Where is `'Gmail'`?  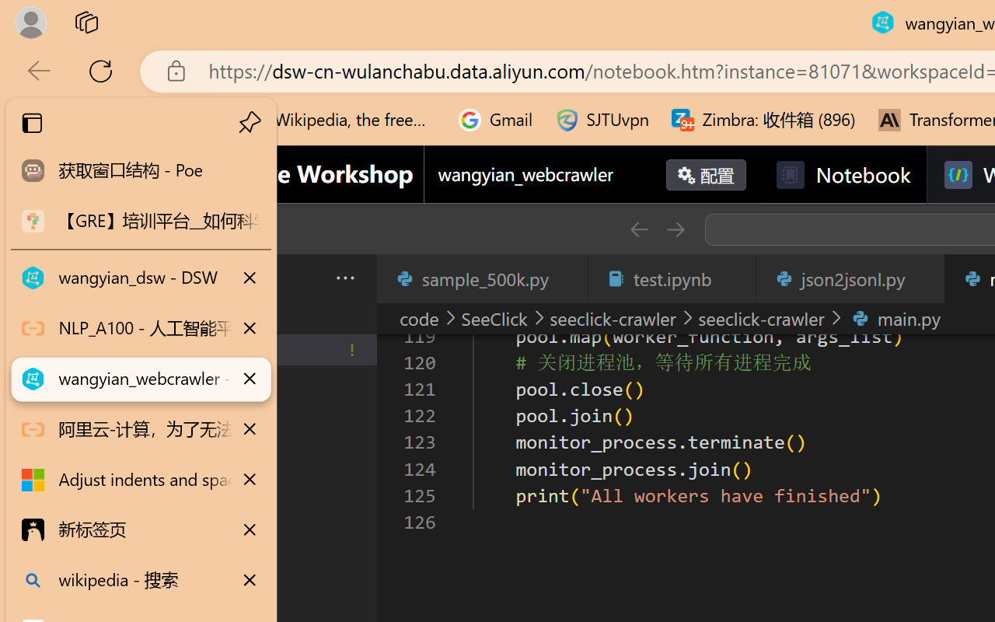
'Gmail' is located at coordinates (495, 120).